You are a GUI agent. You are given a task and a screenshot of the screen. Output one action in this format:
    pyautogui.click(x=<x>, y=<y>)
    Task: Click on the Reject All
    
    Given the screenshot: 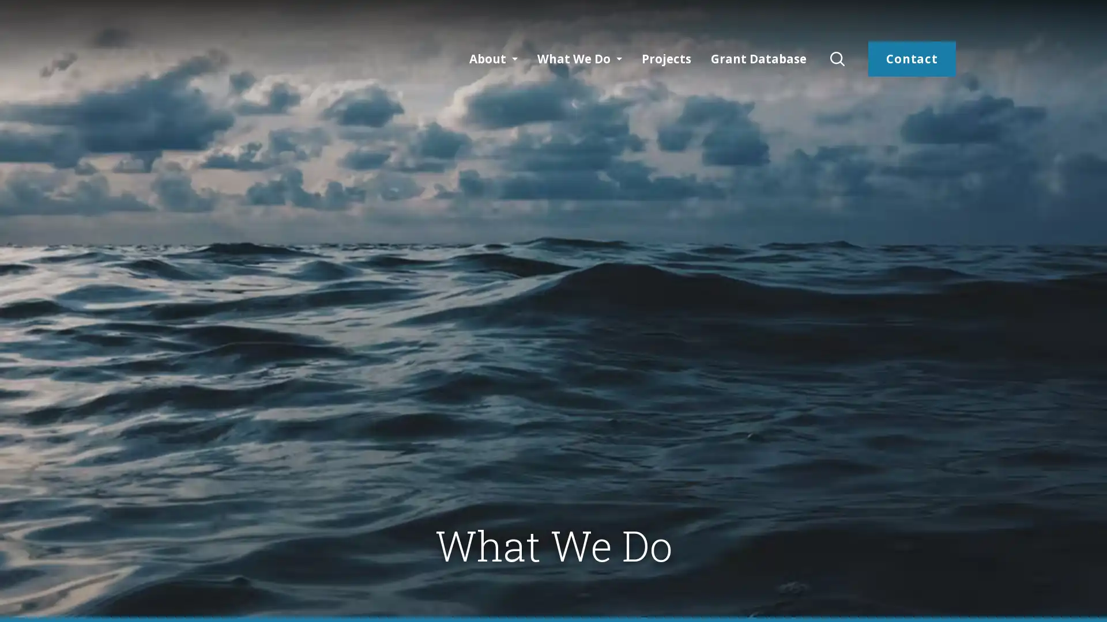 What is the action you would take?
    pyautogui.click(x=984, y=598)
    